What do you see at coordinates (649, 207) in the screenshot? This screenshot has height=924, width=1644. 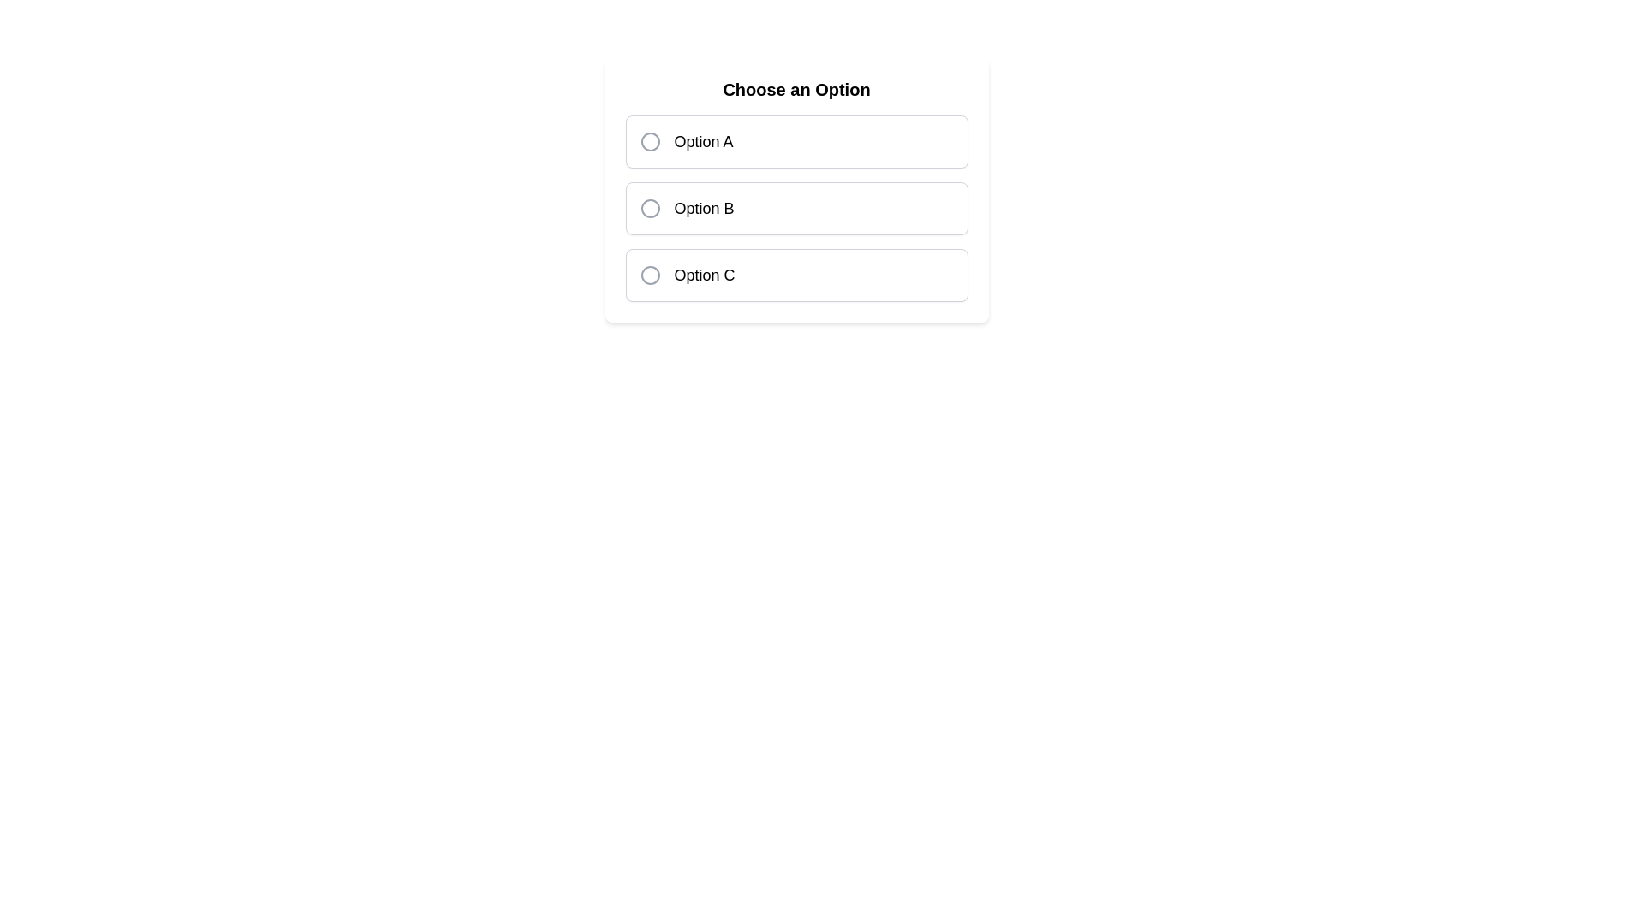 I see `the radio button icon for 'Option B'` at bounding box center [649, 207].